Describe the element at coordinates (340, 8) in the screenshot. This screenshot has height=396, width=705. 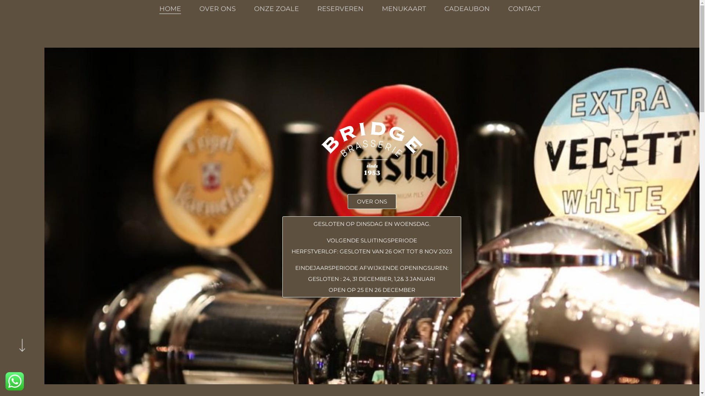
I see `'RESERVEREN'` at that location.